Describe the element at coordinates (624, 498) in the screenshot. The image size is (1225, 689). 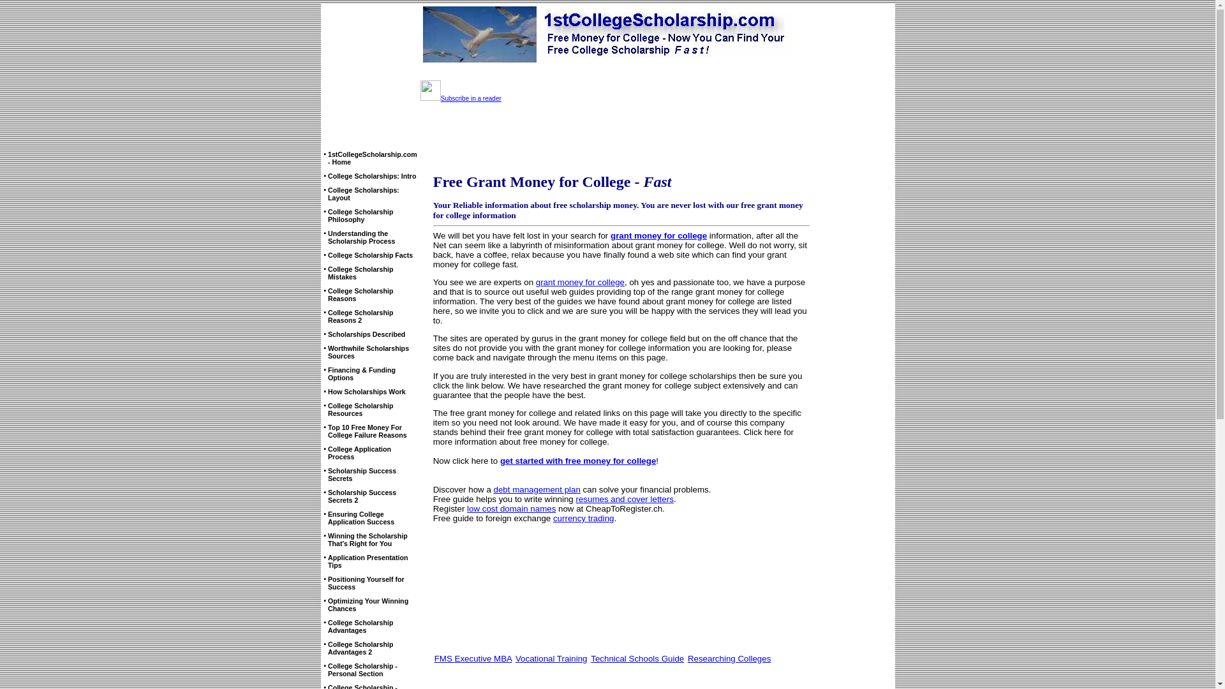
I see `'resumes and cover letters'` at that location.